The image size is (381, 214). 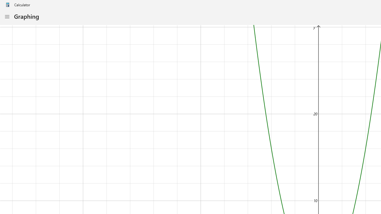 I want to click on 'Open Navigation', so click(x=7, y=16).